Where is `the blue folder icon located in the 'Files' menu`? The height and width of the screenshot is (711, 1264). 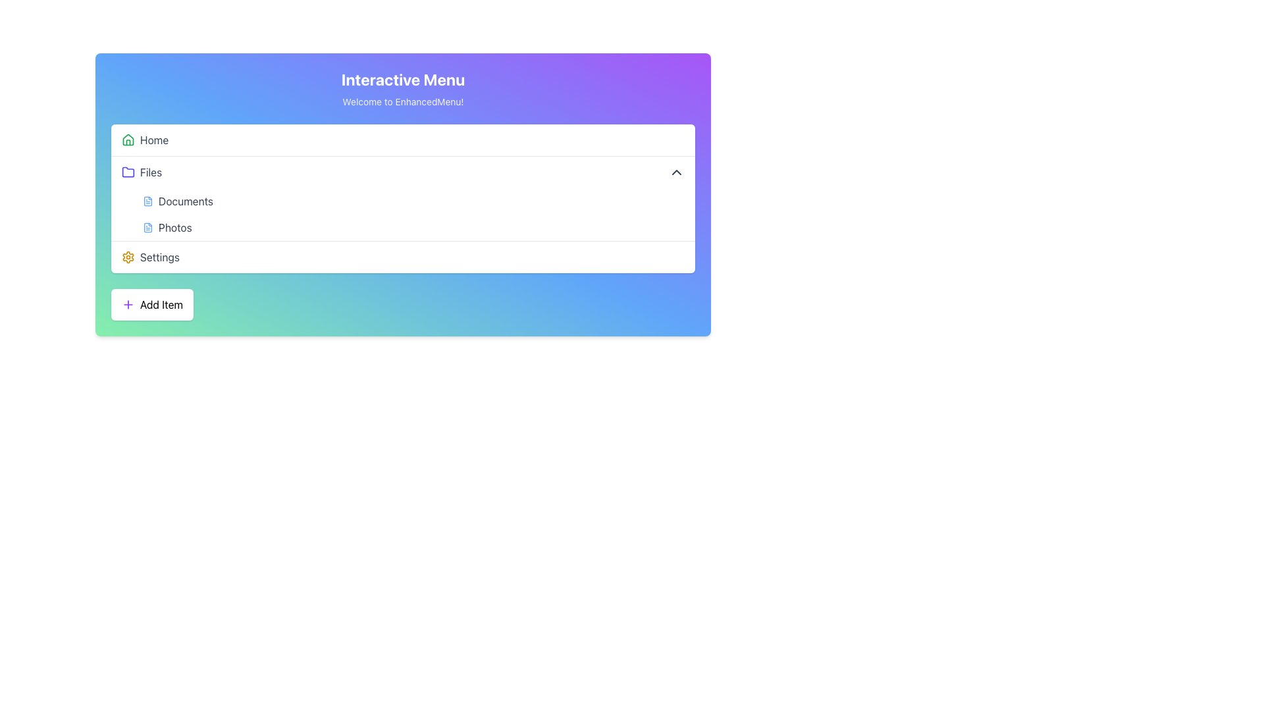 the blue folder icon located in the 'Files' menu is located at coordinates (128, 172).